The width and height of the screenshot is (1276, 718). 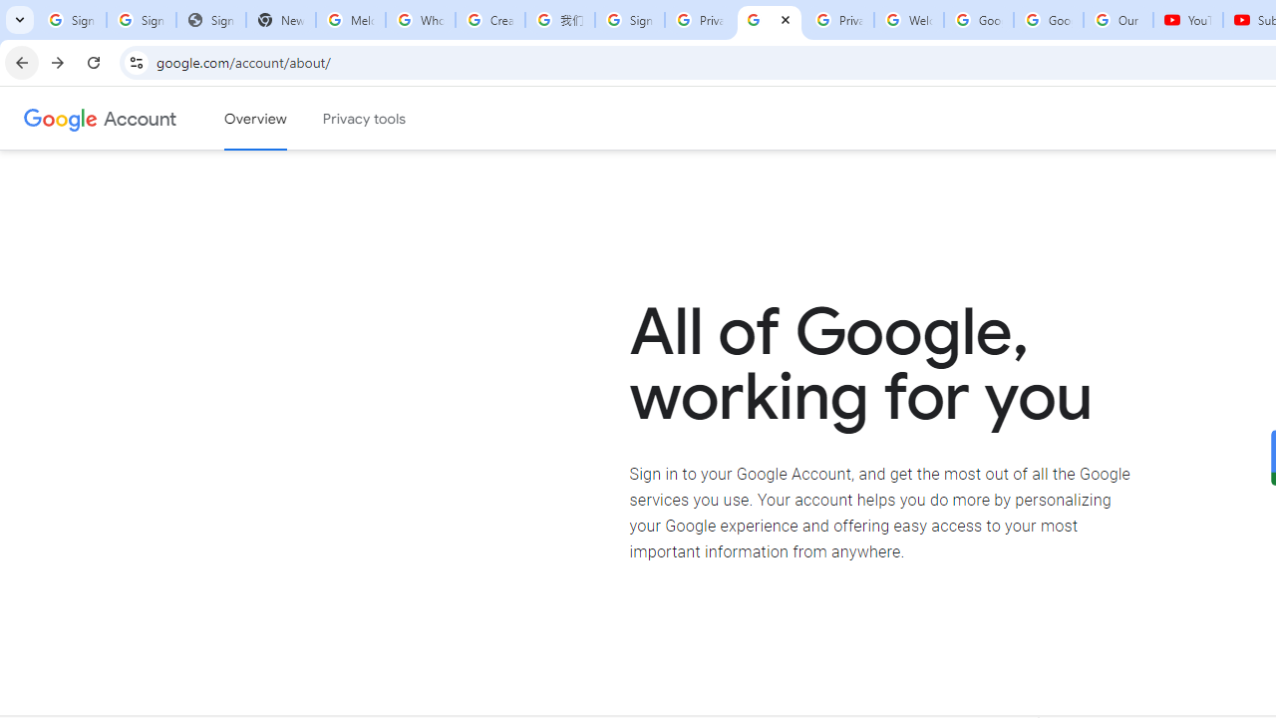 I want to click on 'Google Account', so click(x=139, y=118).